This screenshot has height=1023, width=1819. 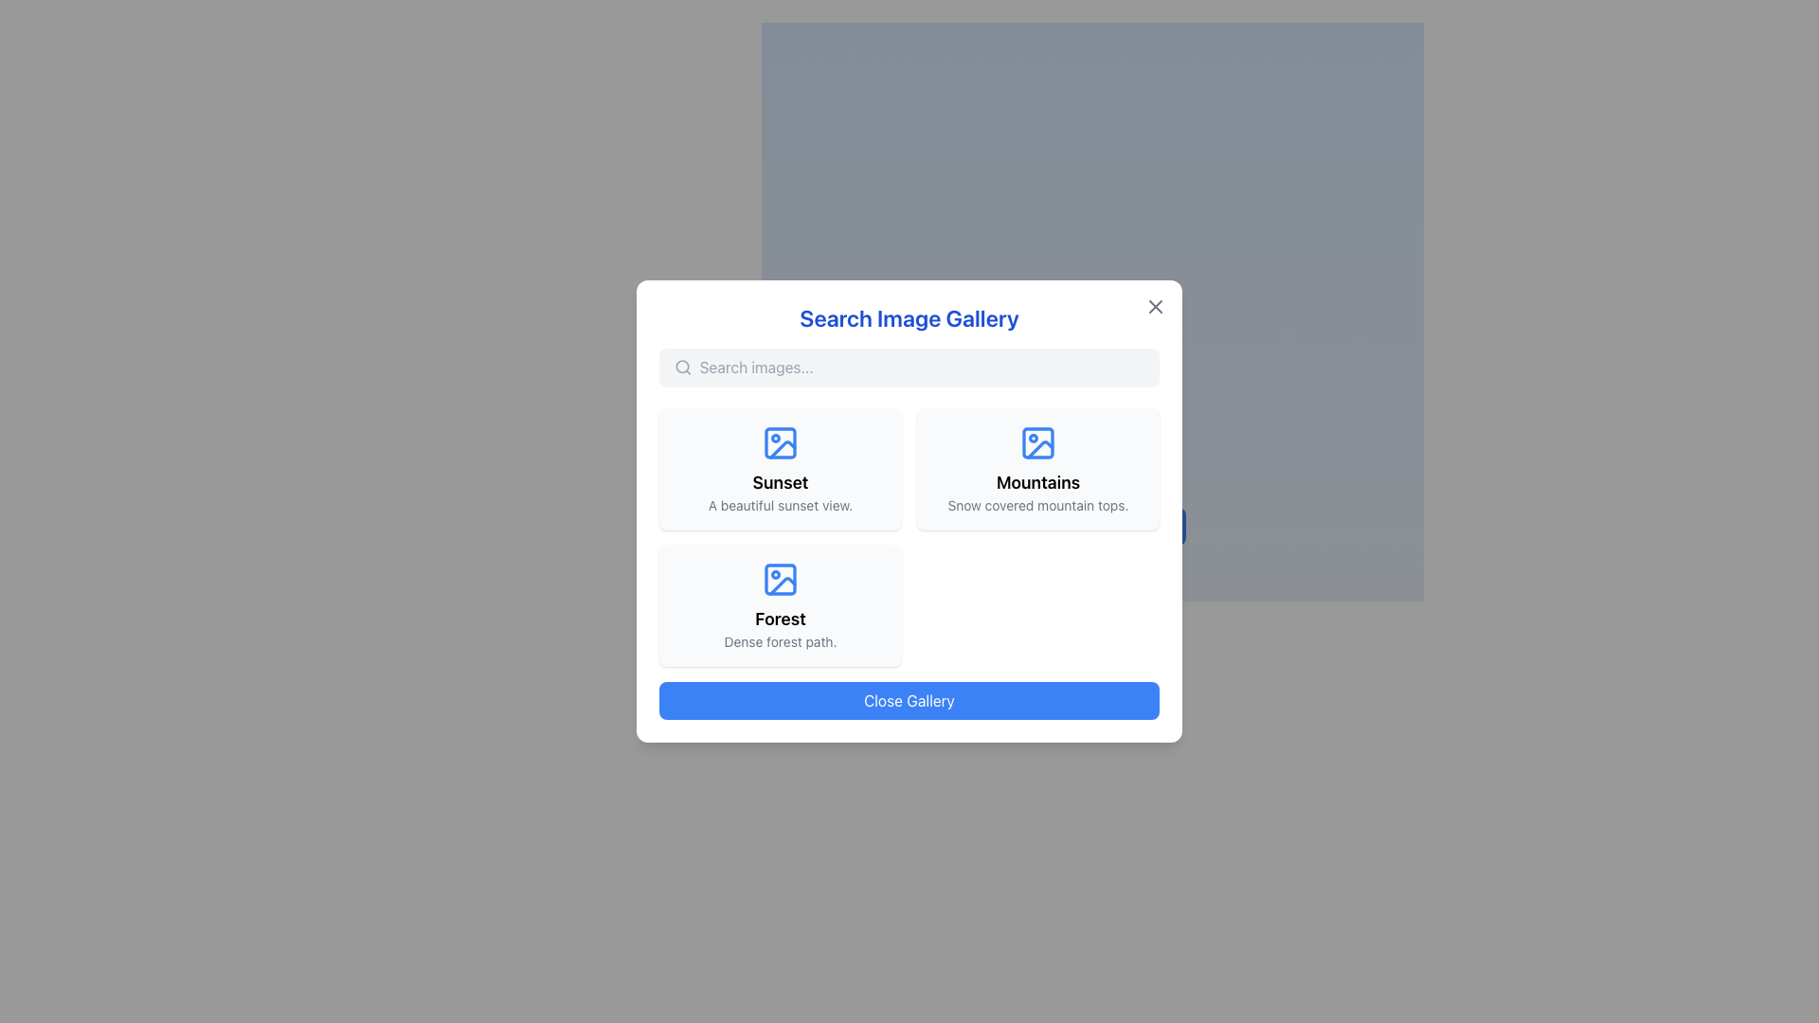 I want to click on the static text label that reads 'Snow covered mountain tops.' which is styled in a small, gray font and positioned beneath the title 'Mountains' within its card, so click(x=1036, y=504).